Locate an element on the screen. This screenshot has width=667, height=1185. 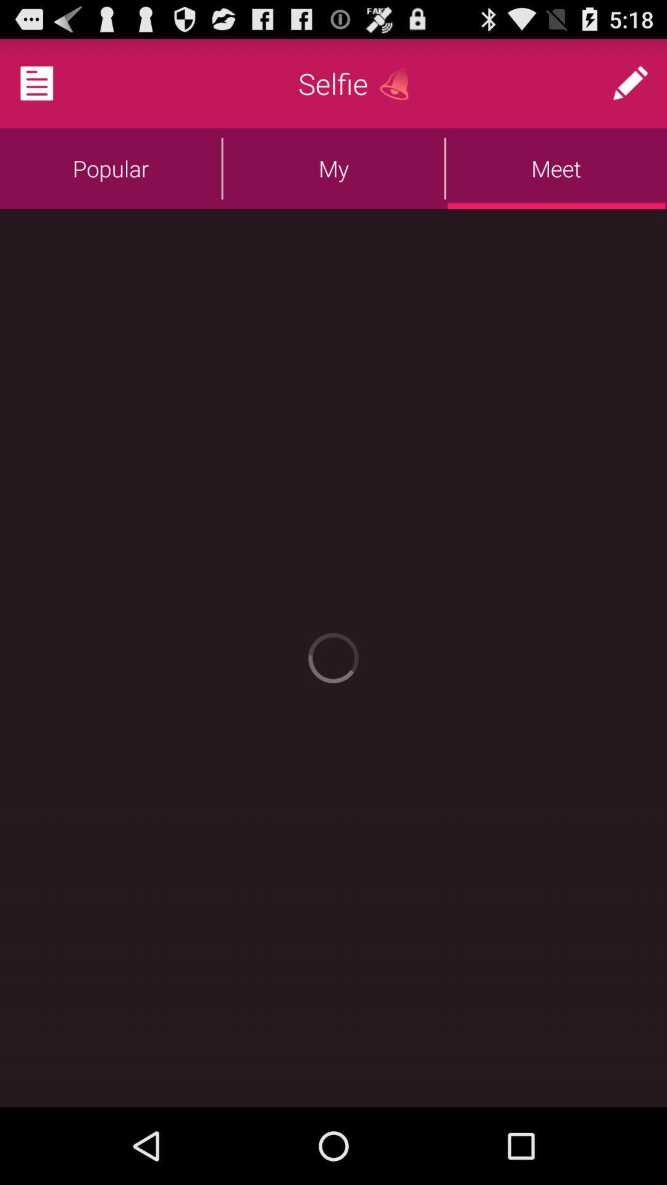
alarm bell option is located at coordinates (399, 83).